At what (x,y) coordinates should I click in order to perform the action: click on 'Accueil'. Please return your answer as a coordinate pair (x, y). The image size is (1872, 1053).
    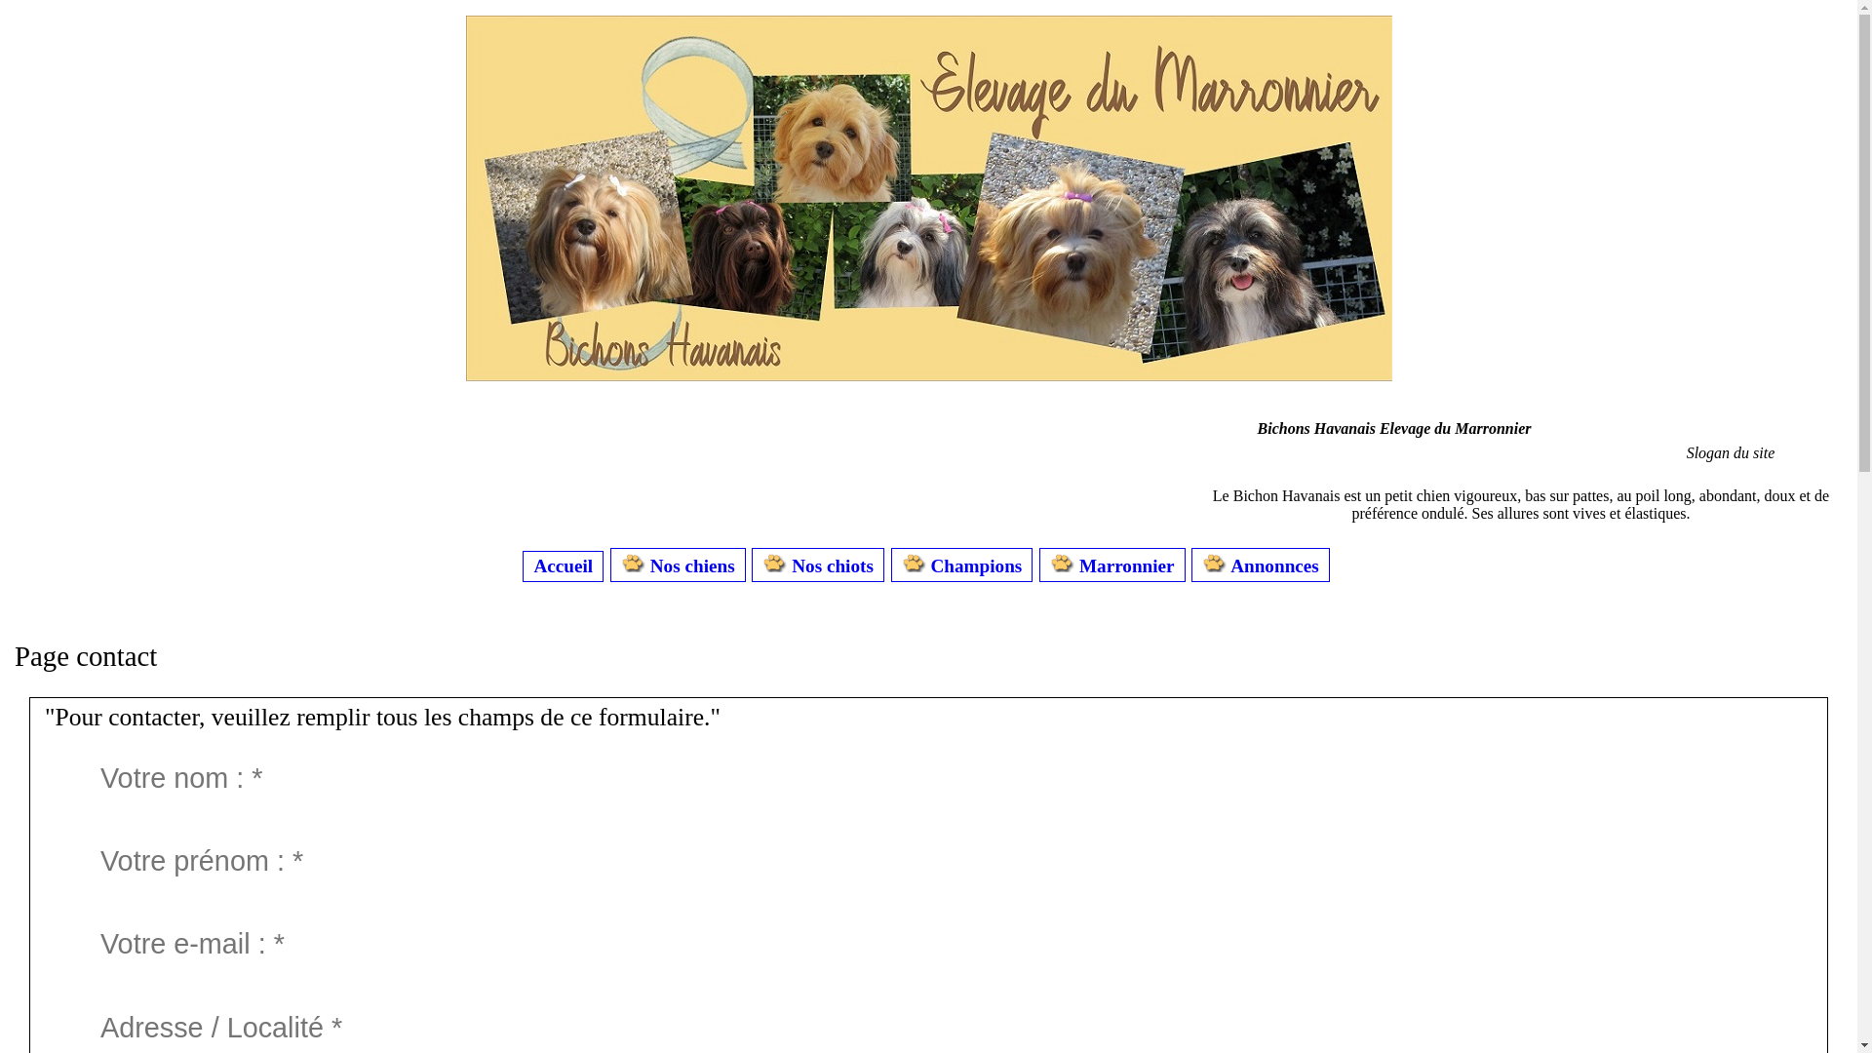
    Looking at the image, I should click on (562, 566).